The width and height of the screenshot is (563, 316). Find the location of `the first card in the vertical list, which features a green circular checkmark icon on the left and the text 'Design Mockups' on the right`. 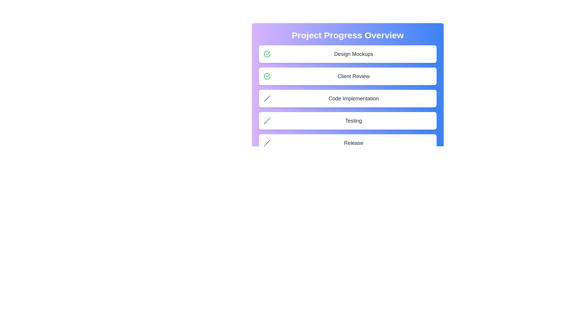

the first card in the vertical list, which features a green circular checkmark icon on the left and the text 'Design Mockups' on the right is located at coordinates (347, 54).